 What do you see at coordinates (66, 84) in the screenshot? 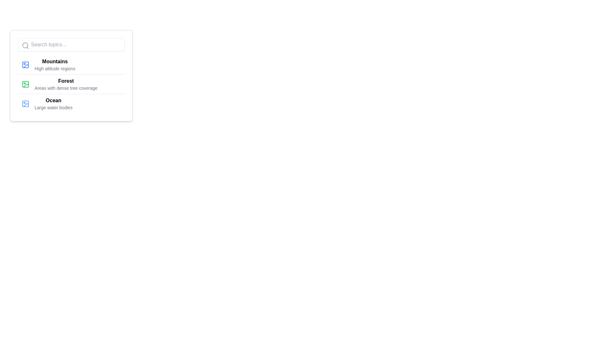
I see `the 'Forest' topic option in the list, which is the second row between 'Mountains' and 'Ocean'` at bounding box center [66, 84].